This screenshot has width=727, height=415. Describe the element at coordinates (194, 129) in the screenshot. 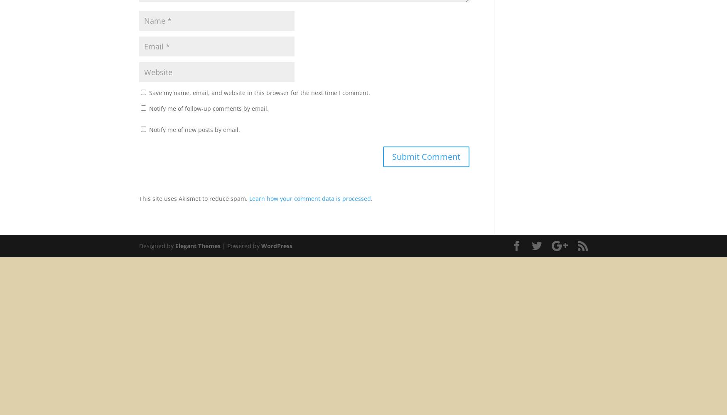

I see `'Notify me of new posts by email.'` at that location.